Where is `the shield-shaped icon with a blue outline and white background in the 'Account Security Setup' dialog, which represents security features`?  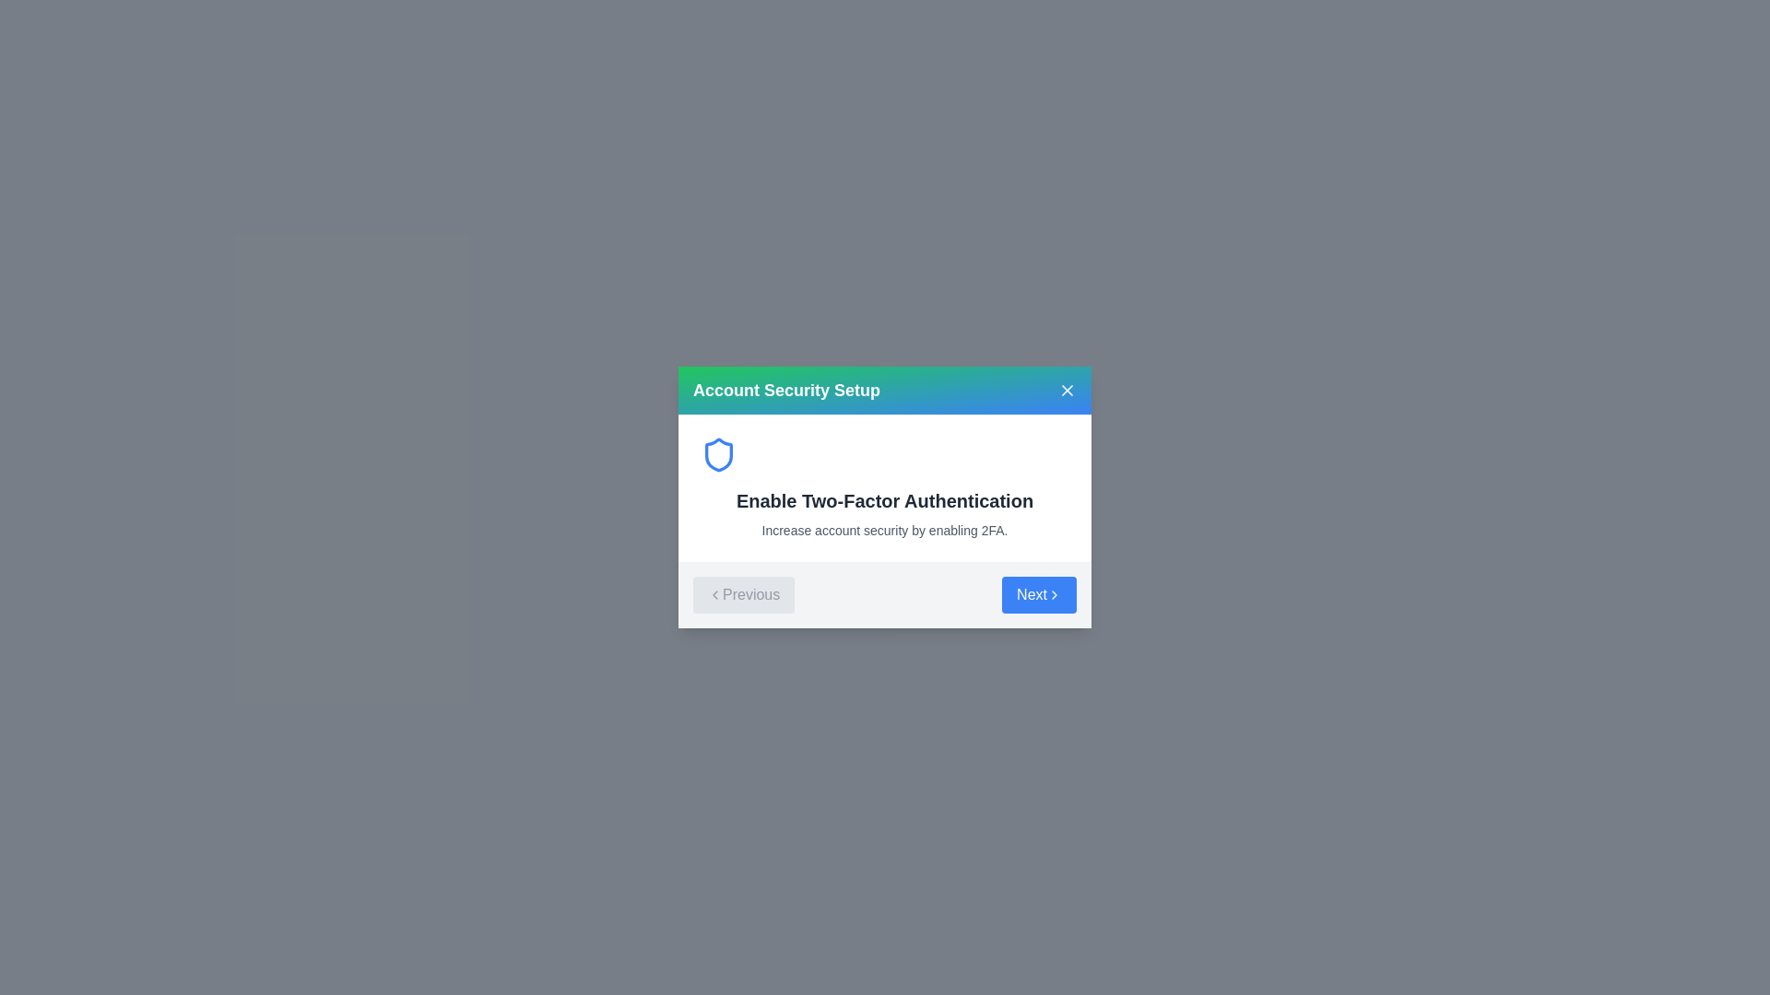
the shield-shaped icon with a blue outline and white background in the 'Account Security Setup' dialog, which represents security features is located at coordinates (717, 454).